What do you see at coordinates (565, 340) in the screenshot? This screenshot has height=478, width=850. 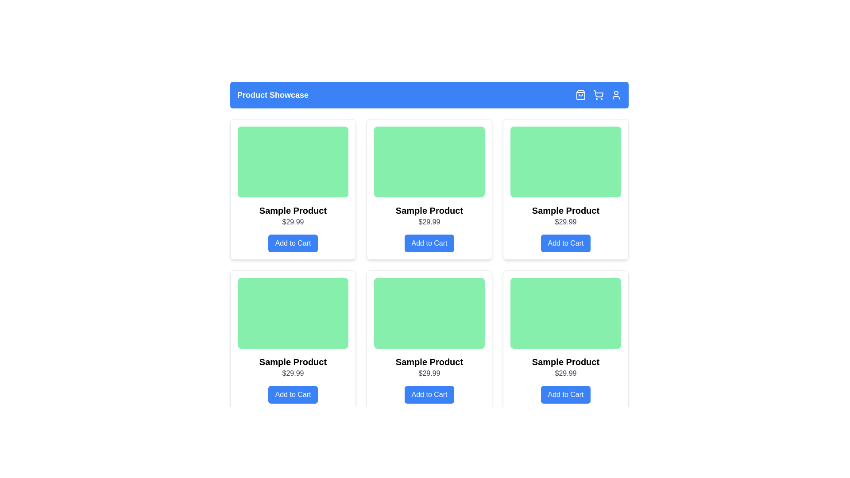 I see `the 'Add to Cart' button on the card titled 'Sample Product', positioned in the second row and third column of the grid layout` at bounding box center [565, 340].